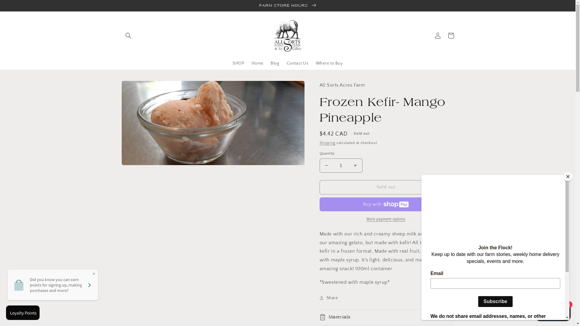  I want to click on 'Shipping', so click(327, 143).